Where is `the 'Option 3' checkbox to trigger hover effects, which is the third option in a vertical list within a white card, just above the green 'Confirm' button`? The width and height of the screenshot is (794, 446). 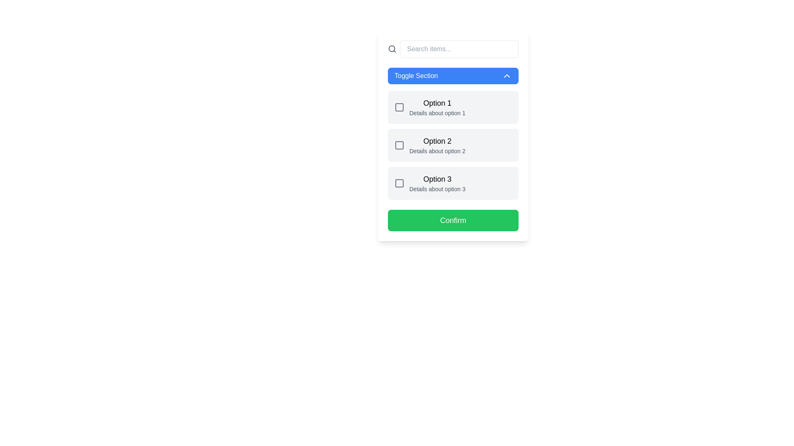 the 'Option 3' checkbox to trigger hover effects, which is the third option in a vertical list within a white card, just above the green 'Confirm' button is located at coordinates (452, 183).